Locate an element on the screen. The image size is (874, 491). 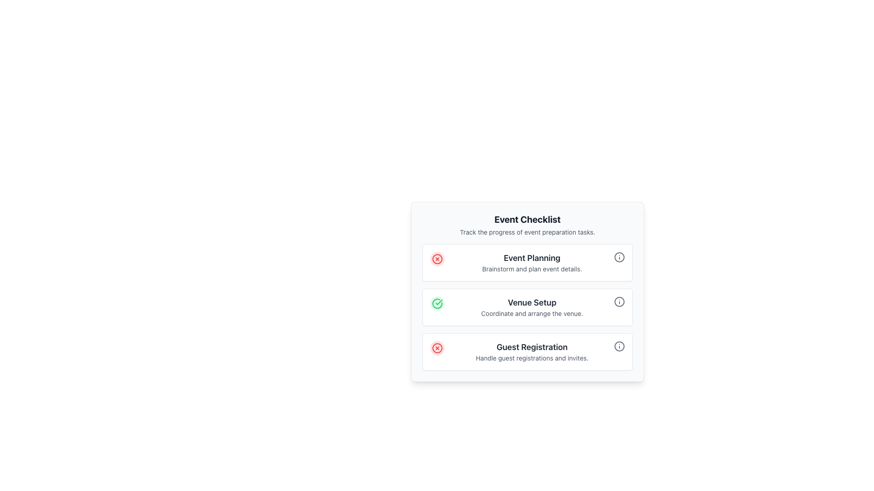
the informational button located in the 'Event Planning' section of the event checklist interface is located at coordinates (619, 257).